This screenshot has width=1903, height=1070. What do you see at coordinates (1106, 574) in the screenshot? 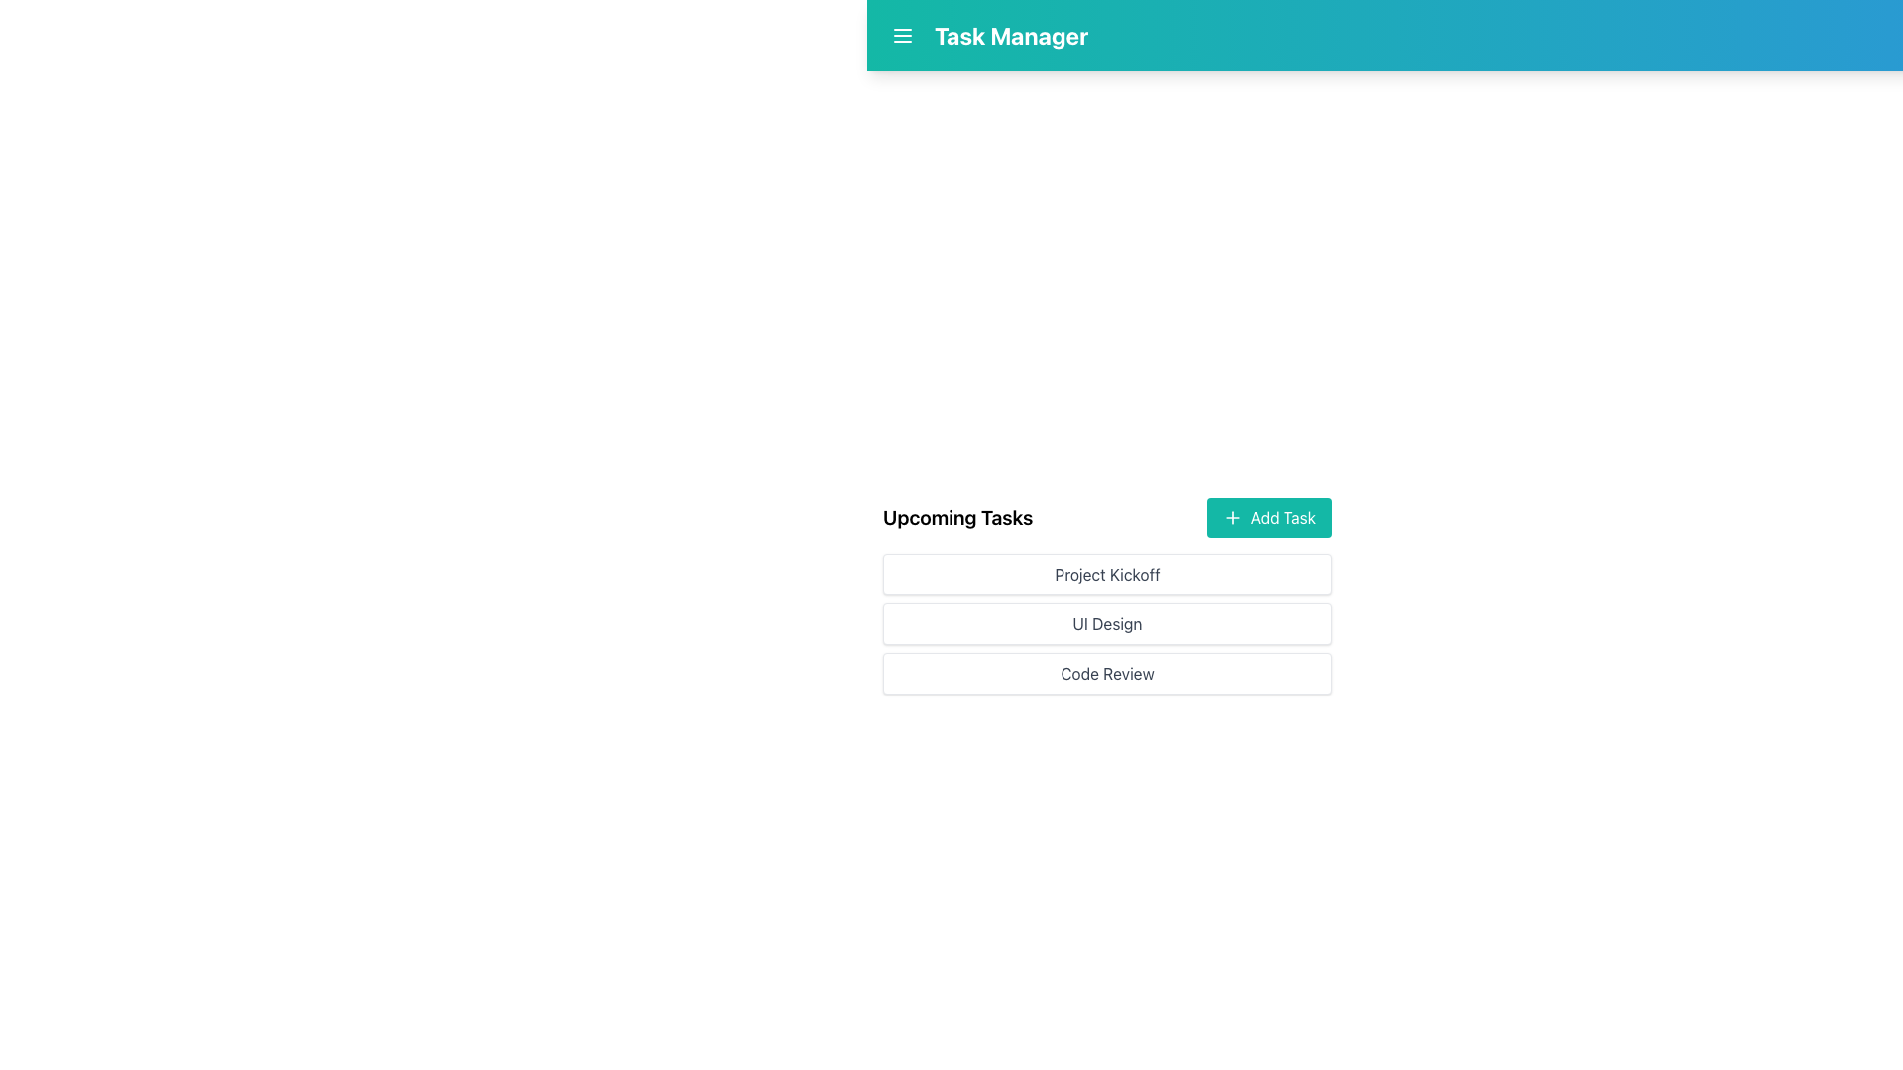
I see `the task label for 'Project Kickoff', which is the first item in the 'Upcoming Tasks' list and serves as a visual identifier for the task` at bounding box center [1106, 574].